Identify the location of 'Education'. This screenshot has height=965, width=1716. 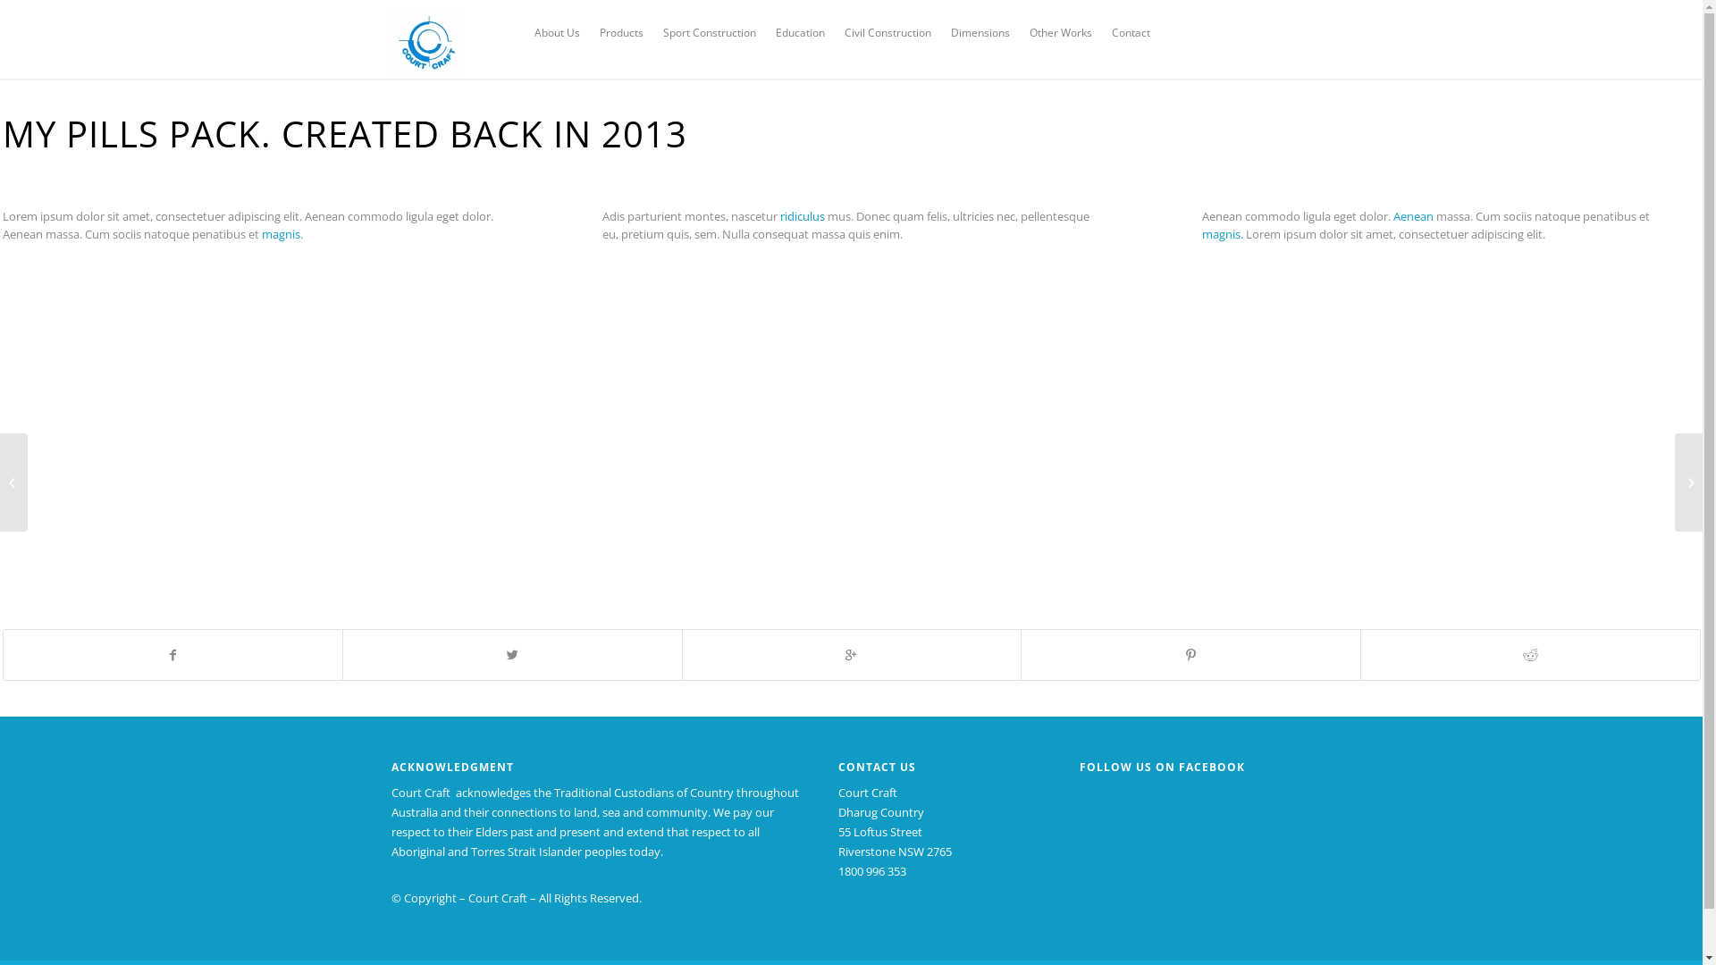
(799, 33).